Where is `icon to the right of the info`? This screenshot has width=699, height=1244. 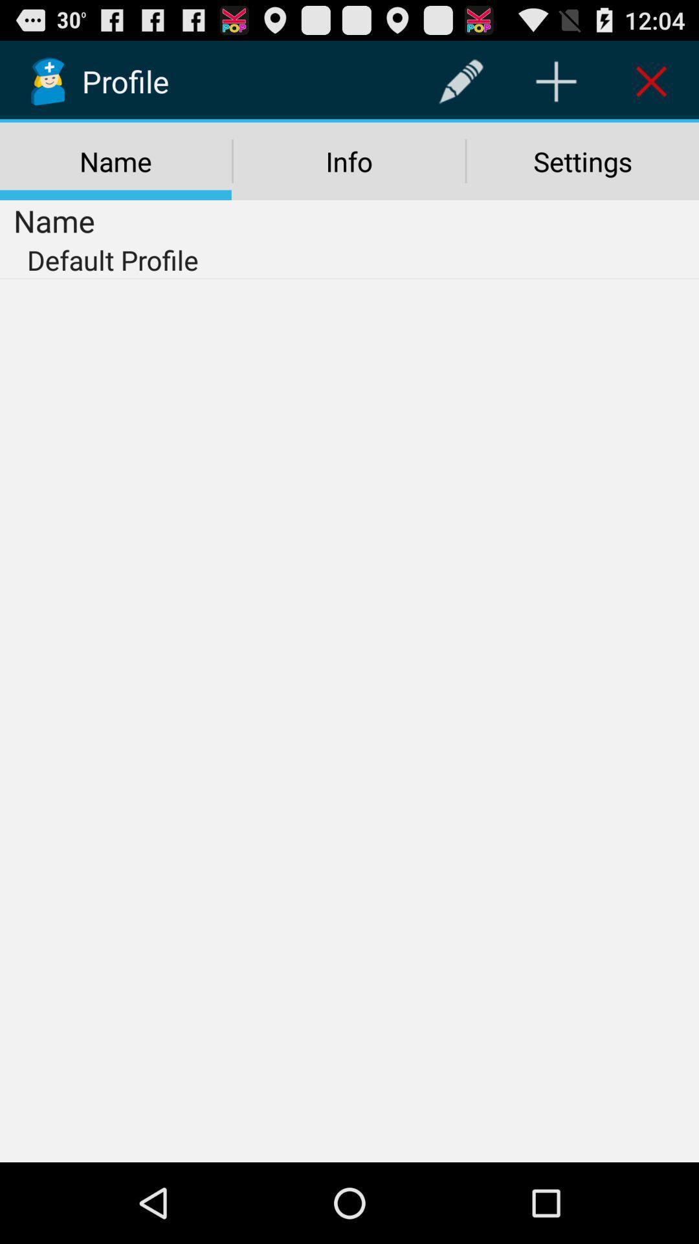 icon to the right of the info is located at coordinates (582, 161).